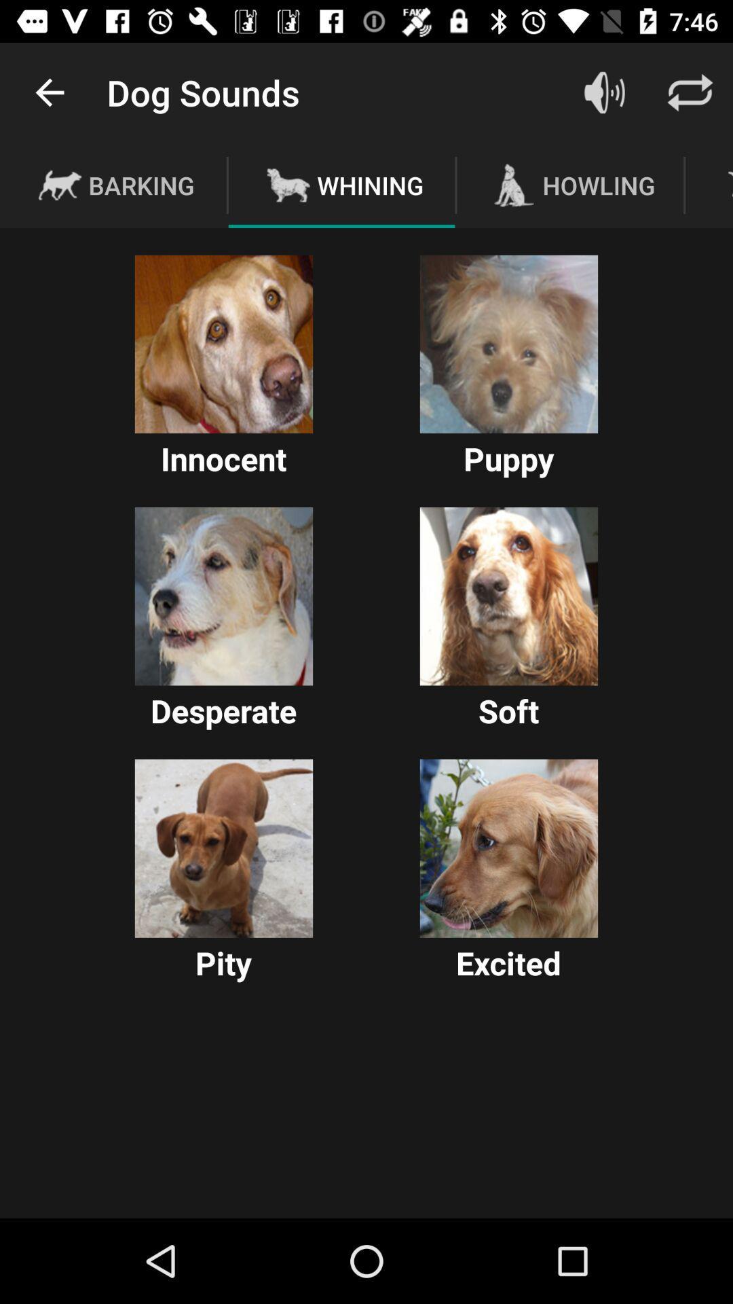  Describe the element at coordinates (604, 92) in the screenshot. I see `the item next to whining item` at that location.